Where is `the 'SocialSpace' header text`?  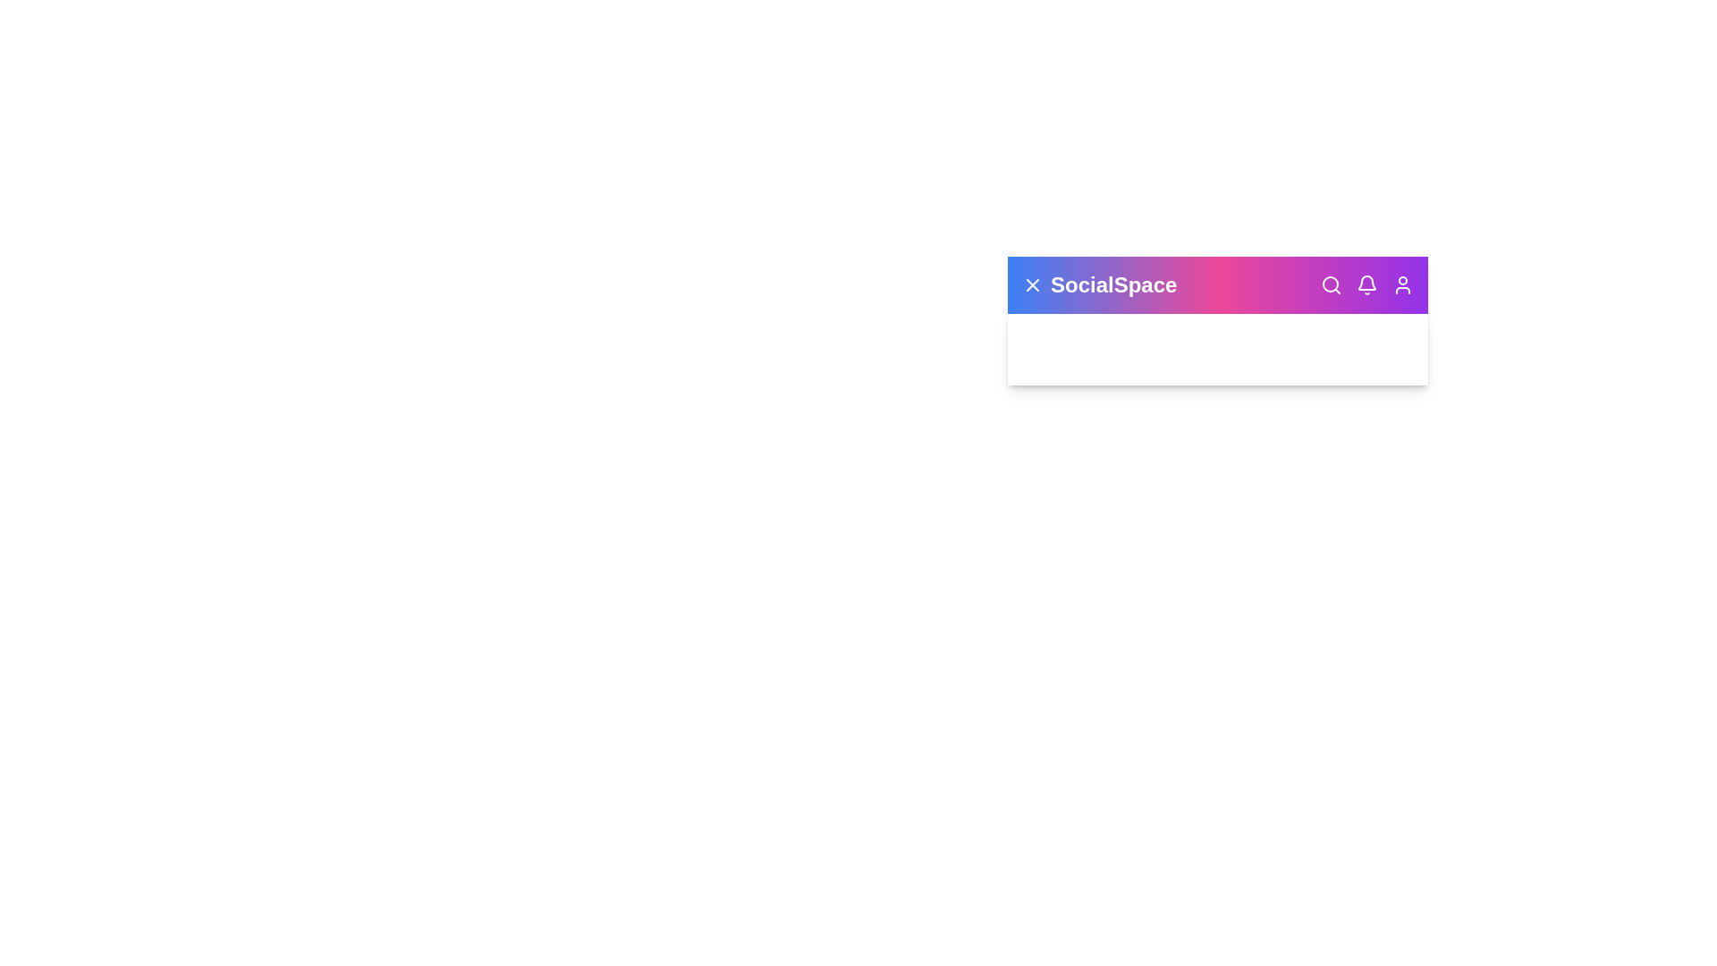 the 'SocialSpace' header text is located at coordinates (1112, 284).